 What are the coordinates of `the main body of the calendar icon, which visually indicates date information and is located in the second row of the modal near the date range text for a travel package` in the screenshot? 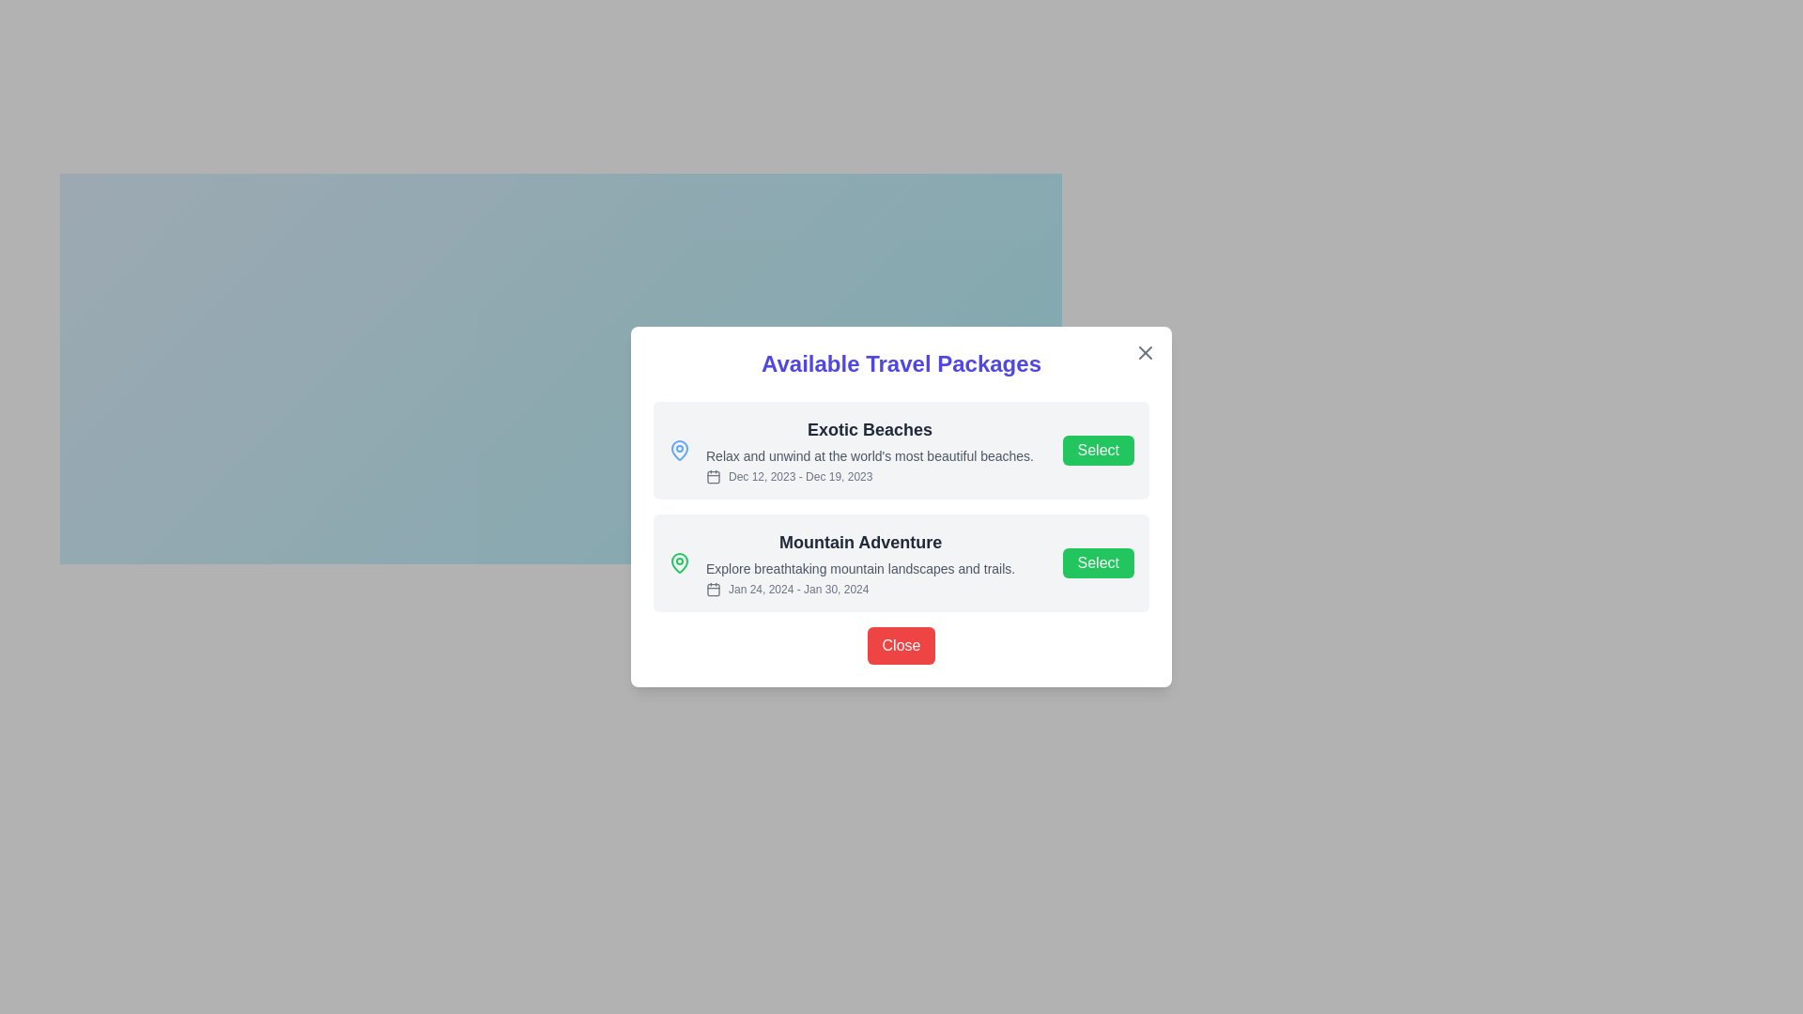 It's located at (712, 589).